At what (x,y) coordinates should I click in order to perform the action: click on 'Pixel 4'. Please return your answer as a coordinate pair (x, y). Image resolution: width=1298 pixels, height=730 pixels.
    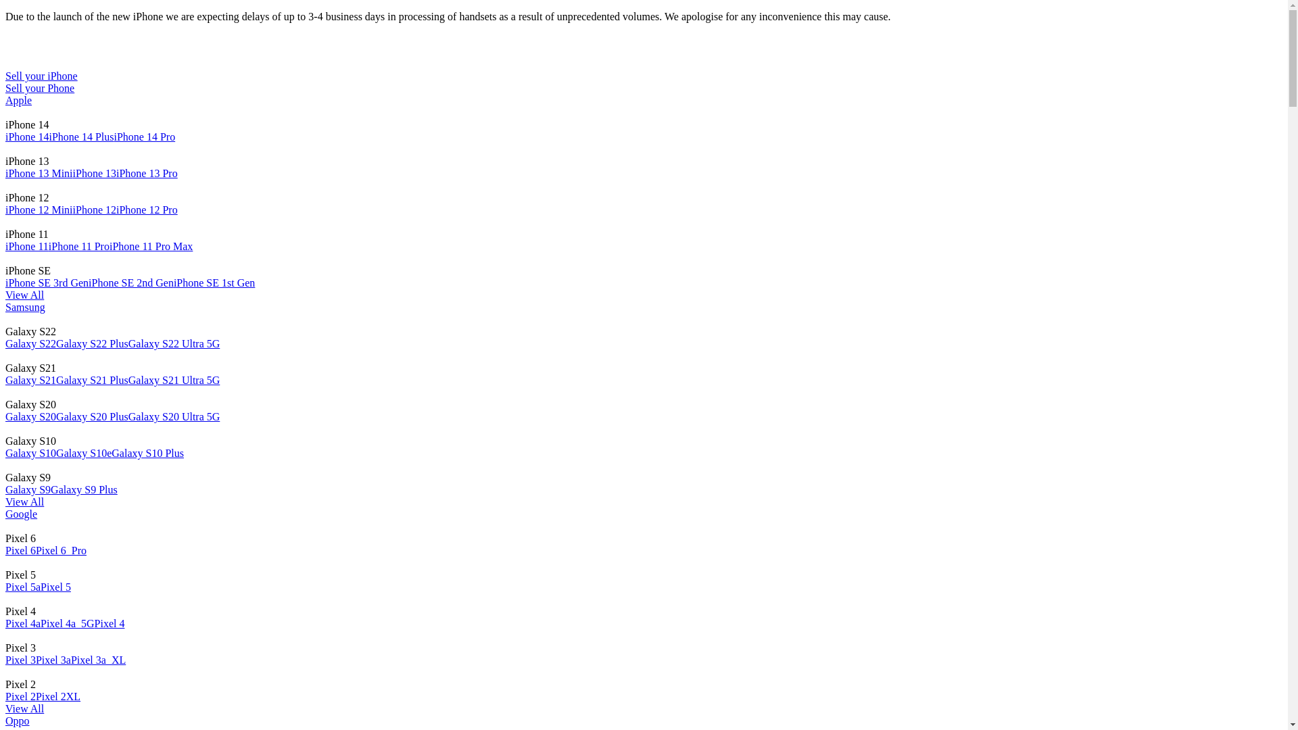
    Looking at the image, I should click on (110, 623).